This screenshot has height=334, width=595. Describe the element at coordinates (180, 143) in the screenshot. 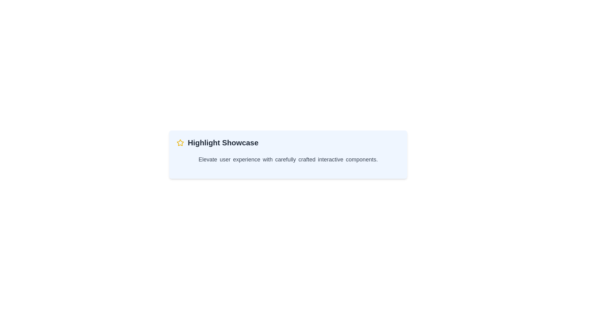

I see `the star-shaped yellow icon indicating importance, located to the left of the 'Highlight Showcase' text` at that location.